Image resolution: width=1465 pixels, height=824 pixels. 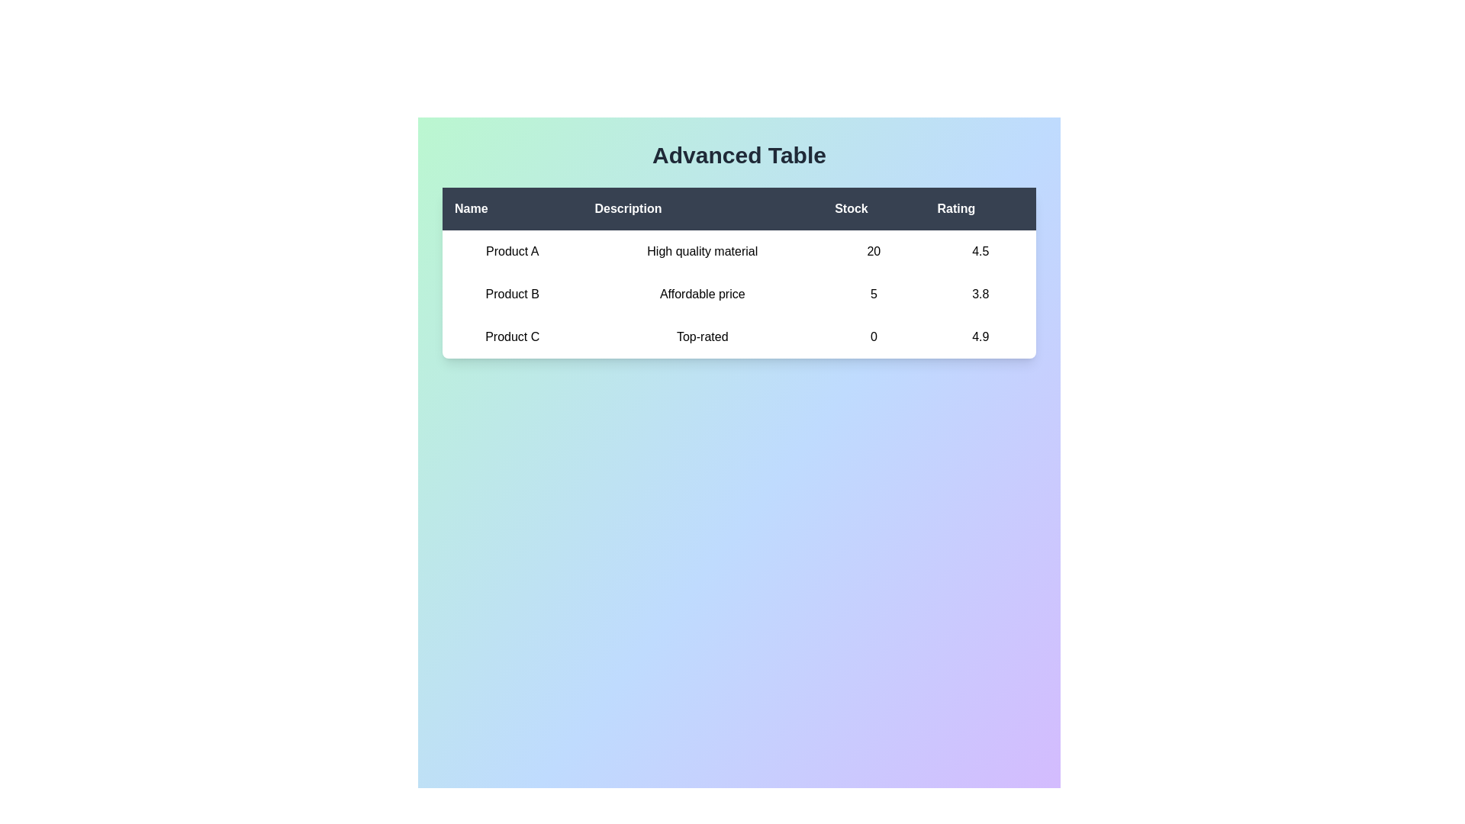 What do you see at coordinates (739, 251) in the screenshot?
I see `contents of the first row in the tabular layout that displays details for 'Product A'` at bounding box center [739, 251].